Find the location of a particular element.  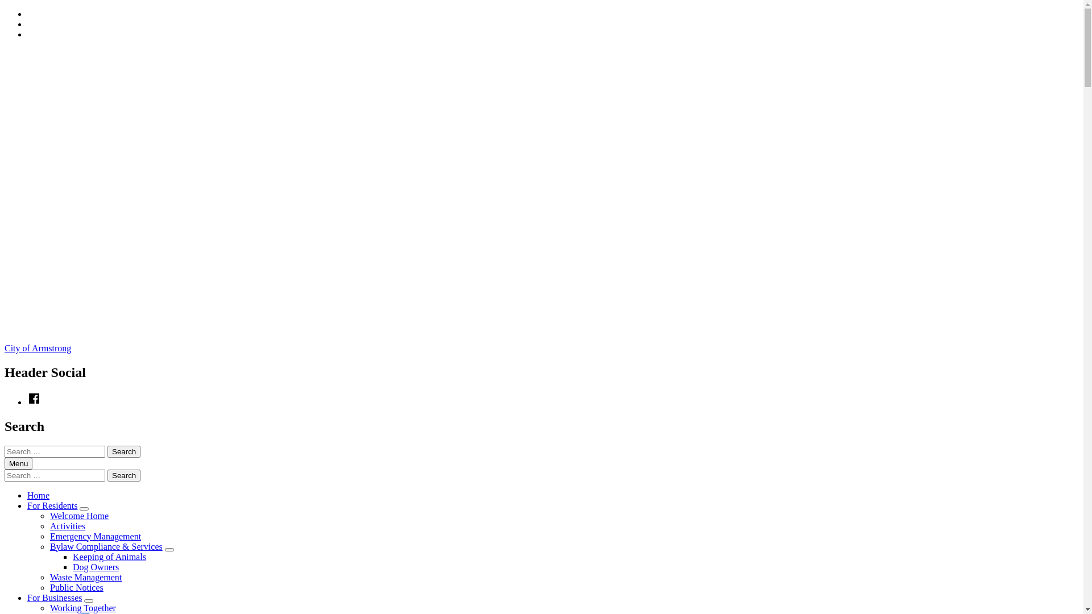

'For Businesses' is located at coordinates (54, 597).